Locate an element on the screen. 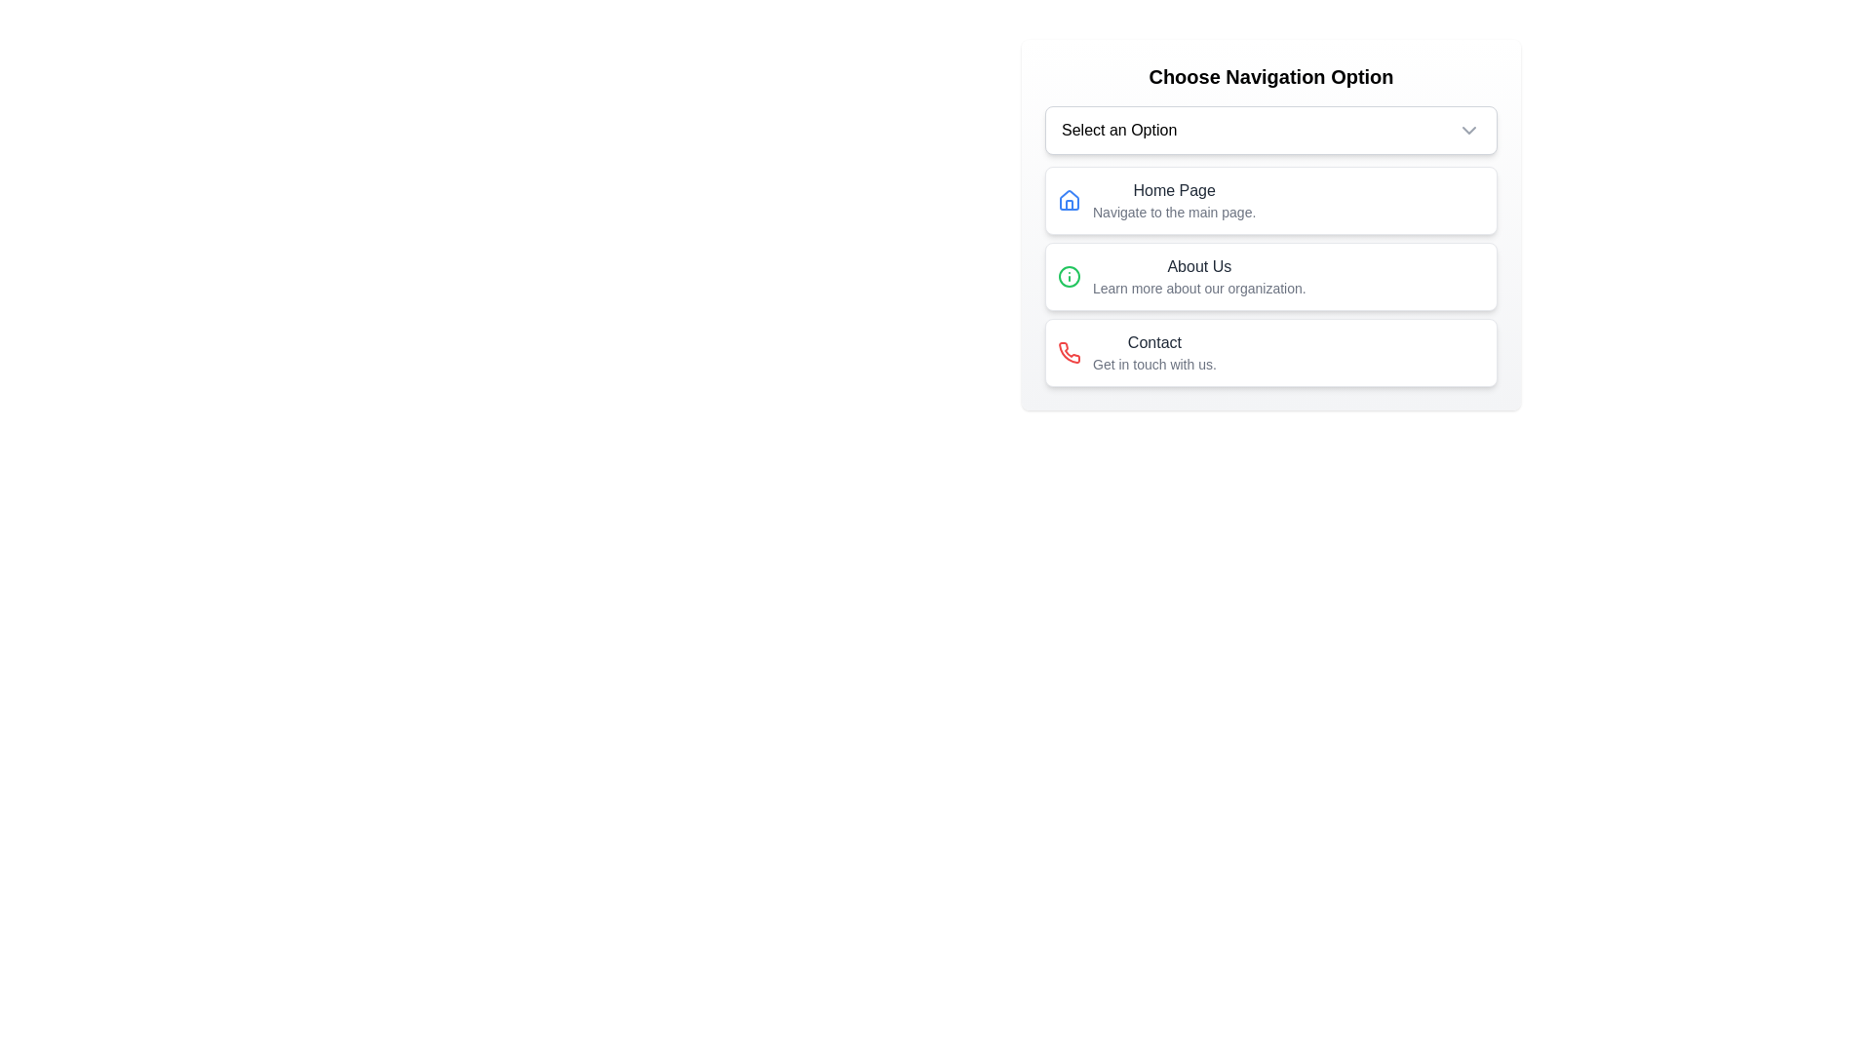 The width and height of the screenshot is (1872, 1053). text label 'Contact' which is styled in medium-weight font and dark gray color, located in the third card of a vertical list, above the smaller text 'Get in touch with us.' is located at coordinates (1154, 341).